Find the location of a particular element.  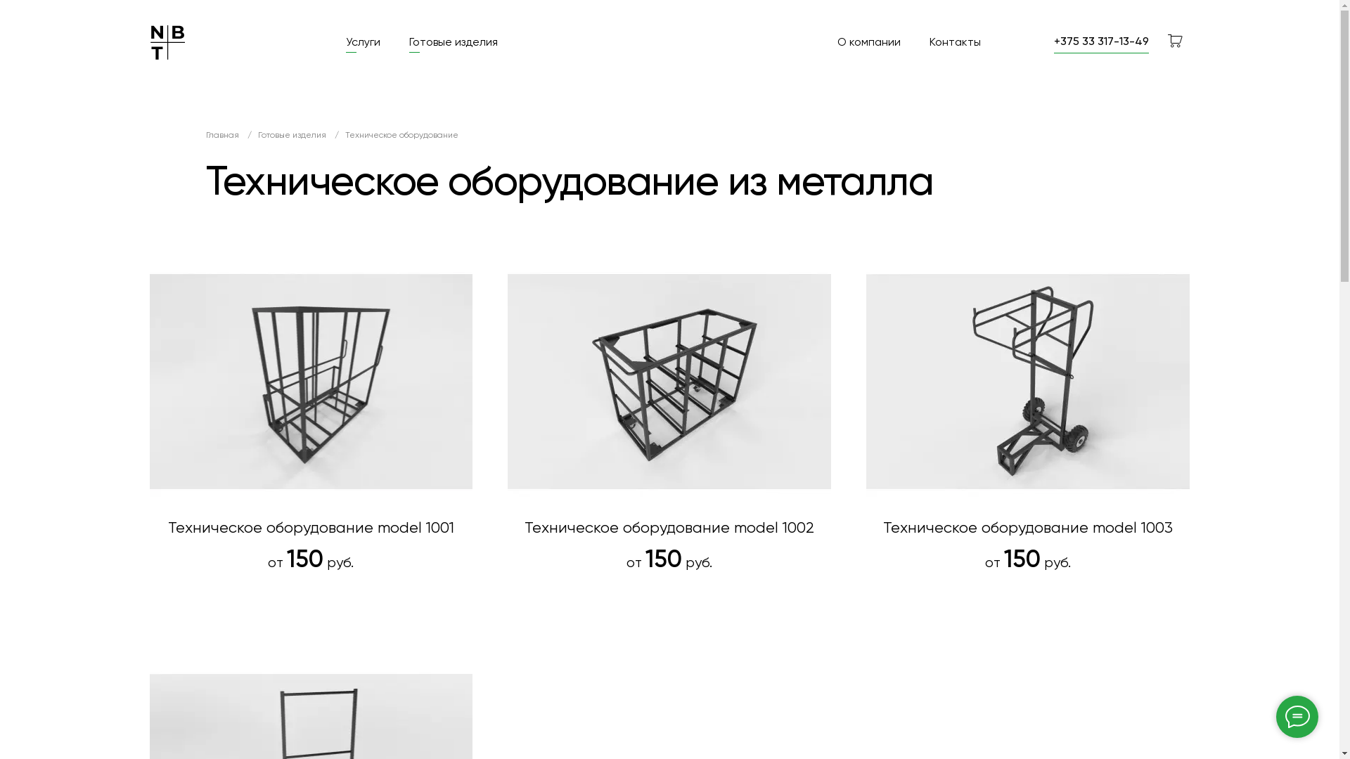

'+375 33 317-13-49' is located at coordinates (1100, 40).